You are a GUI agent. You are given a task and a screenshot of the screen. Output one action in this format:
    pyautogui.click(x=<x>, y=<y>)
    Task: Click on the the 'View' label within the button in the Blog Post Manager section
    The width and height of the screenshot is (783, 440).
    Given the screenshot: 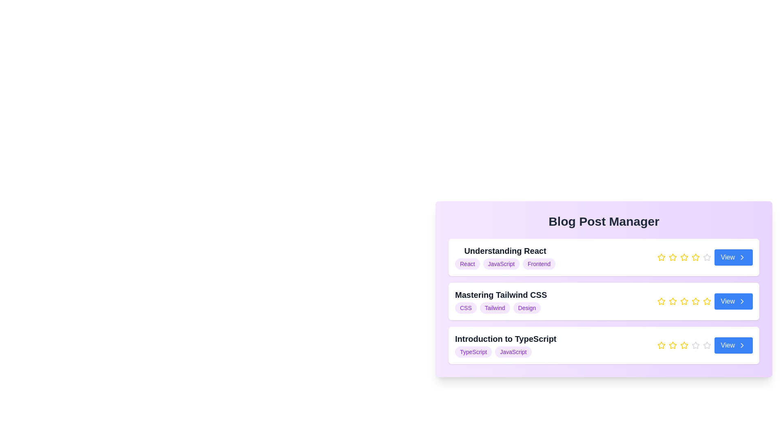 What is the action you would take?
    pyautogui.click(x=728, y=301)
    